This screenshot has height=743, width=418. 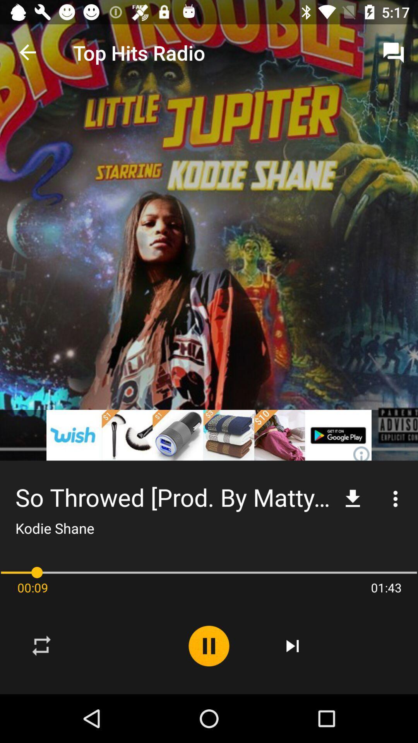 I want to click on the icon next to top hits radio app, so click(x=394, y=52).